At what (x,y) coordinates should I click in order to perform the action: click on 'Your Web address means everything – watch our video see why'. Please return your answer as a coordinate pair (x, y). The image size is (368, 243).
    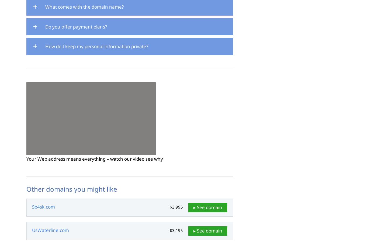
    Looking at the image, I should click on (94, 159).